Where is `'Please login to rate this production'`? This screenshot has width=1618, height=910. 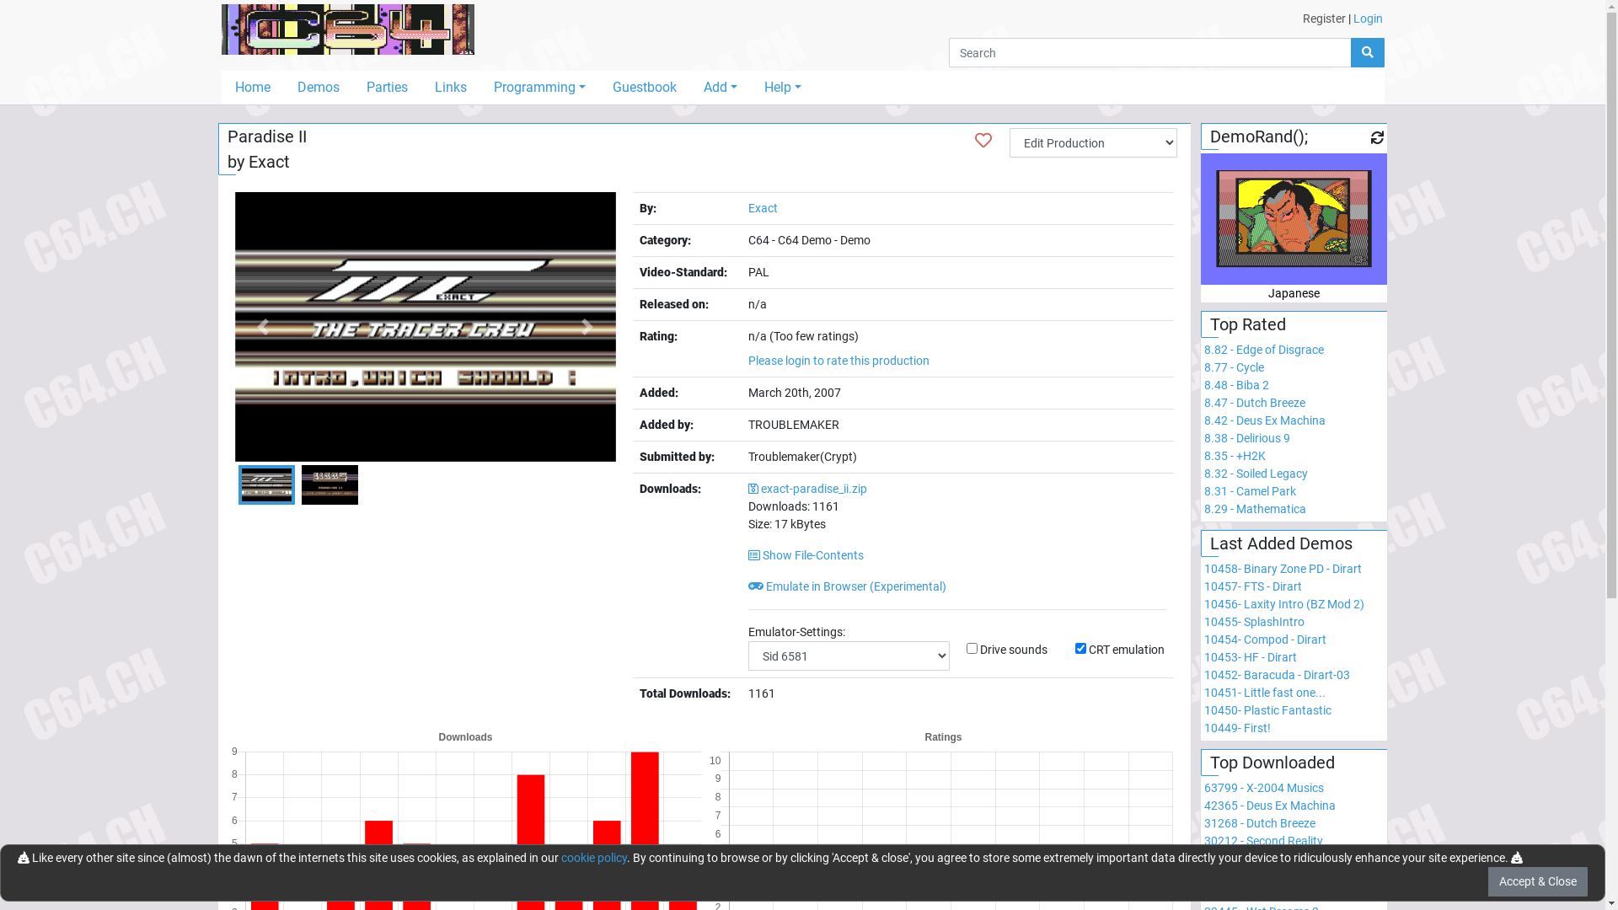
'Please login to rate this production' is located at coordinates (838, 360).